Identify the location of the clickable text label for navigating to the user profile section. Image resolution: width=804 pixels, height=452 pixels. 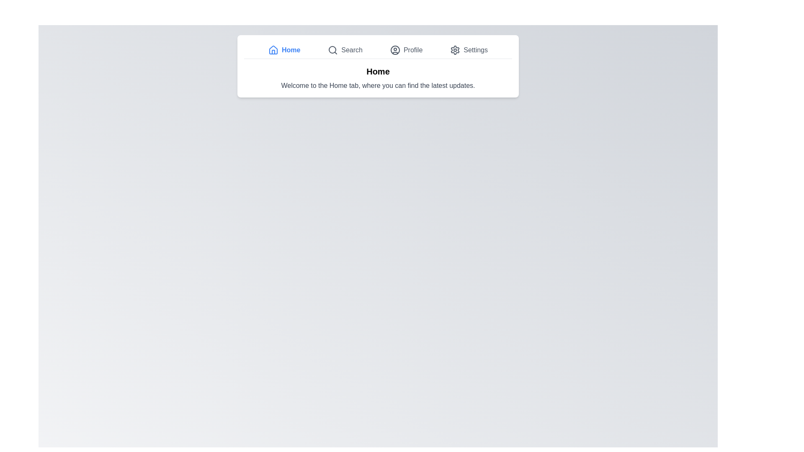
(413, 50).